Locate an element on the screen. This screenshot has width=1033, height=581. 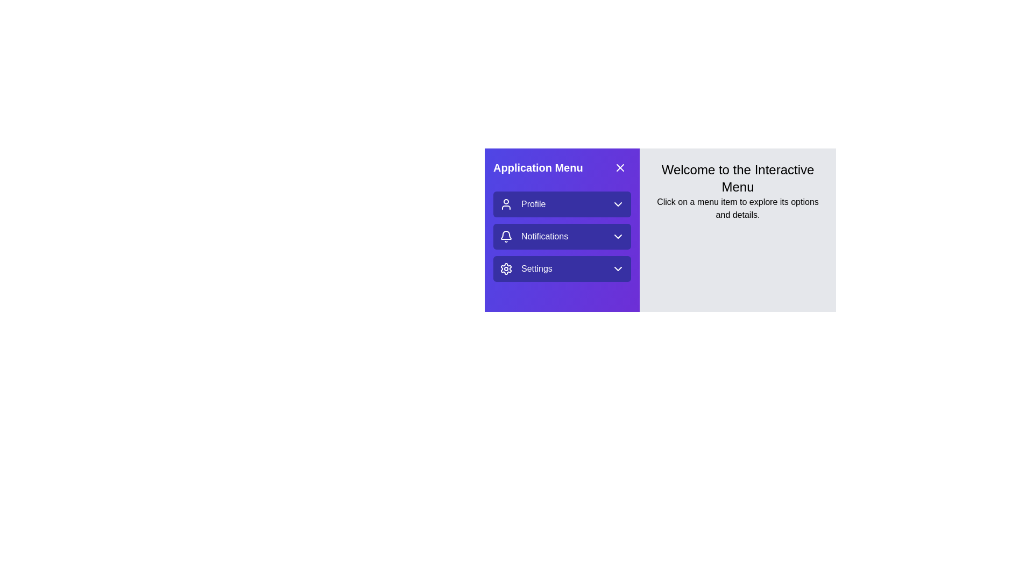
the static text label representing the notifications option in the application menu, which is positioned to the right of the bell icon and to the left of the dropdown icon is located at coordinates (544, 236).